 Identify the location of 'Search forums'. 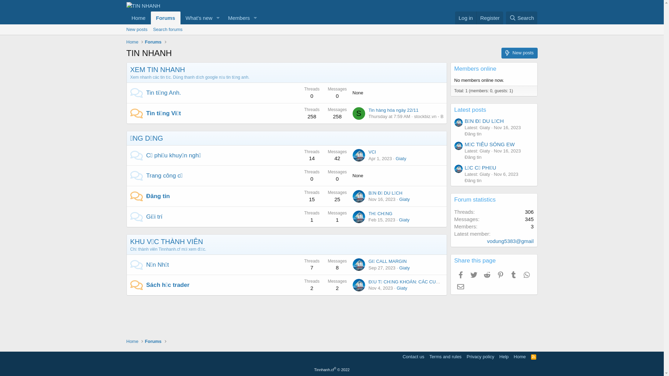
(168, 29).